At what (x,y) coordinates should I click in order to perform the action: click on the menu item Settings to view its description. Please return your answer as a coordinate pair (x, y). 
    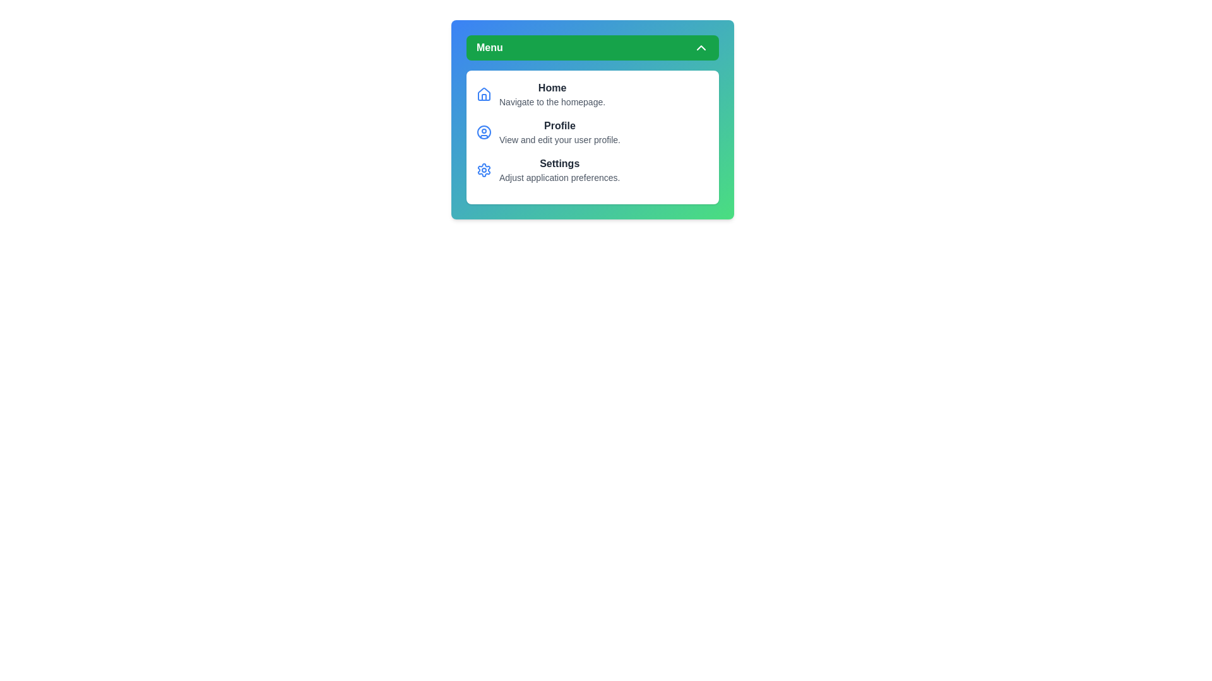
    Looking at the image, I should click on (559, 163).